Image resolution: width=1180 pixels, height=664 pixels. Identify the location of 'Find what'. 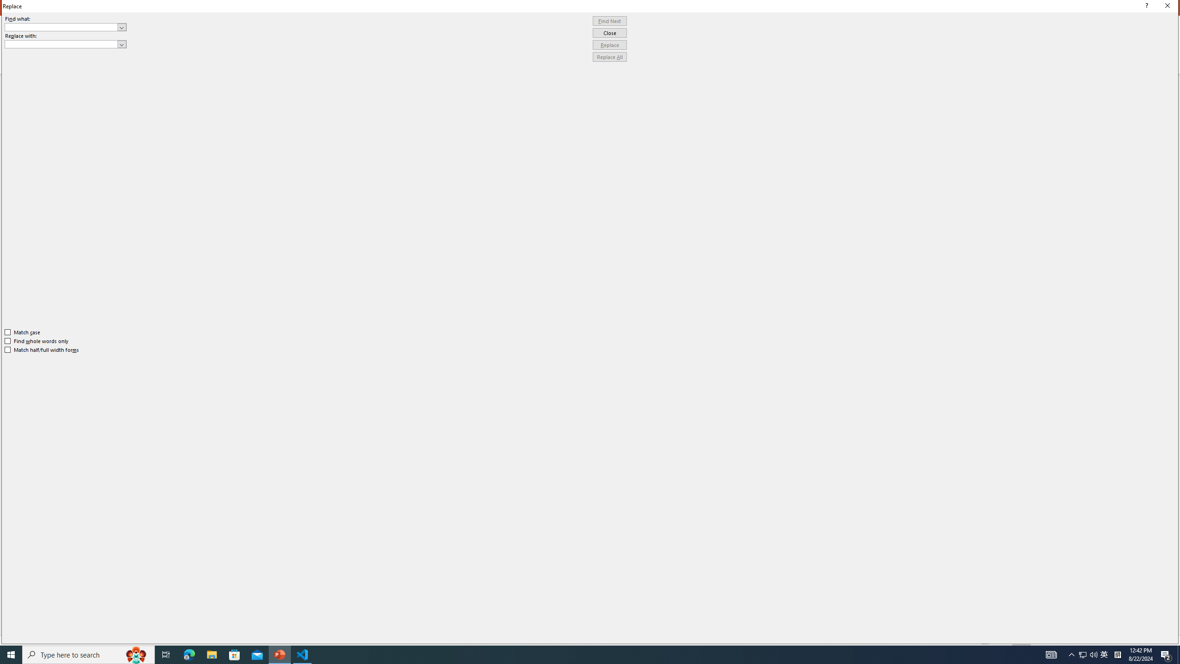
(65, 27).